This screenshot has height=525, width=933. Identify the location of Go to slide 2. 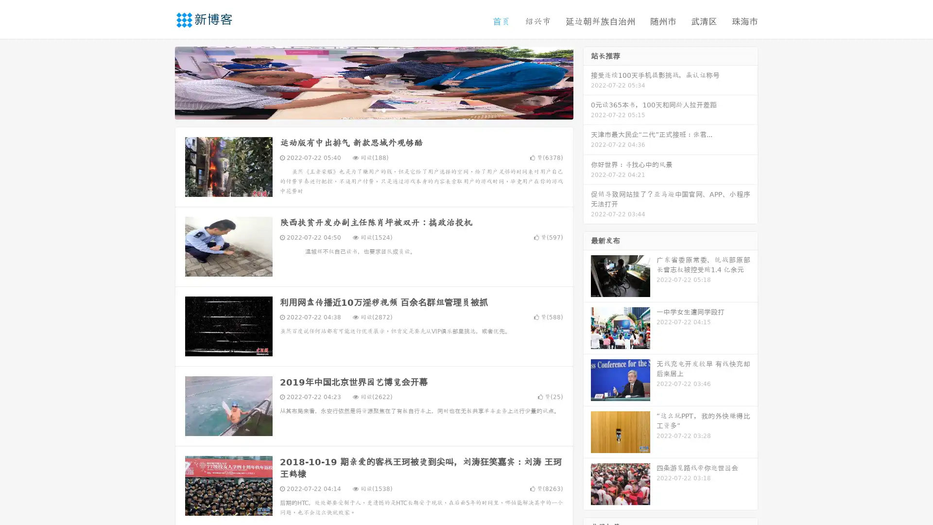
(373, 109).